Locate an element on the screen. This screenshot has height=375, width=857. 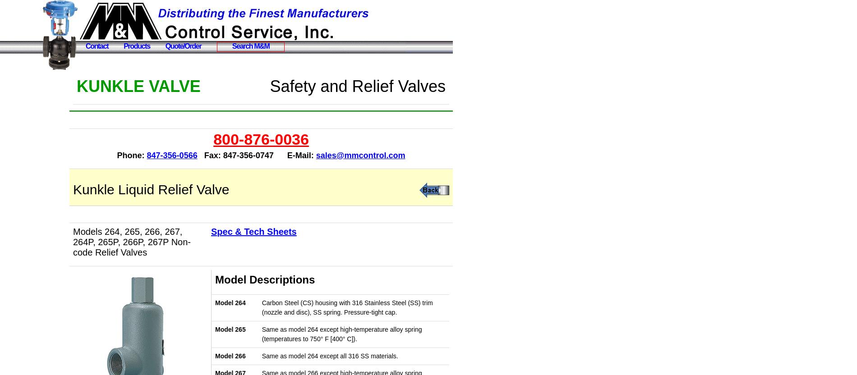
'847-356-0566' is located at coordinates (171, 155).